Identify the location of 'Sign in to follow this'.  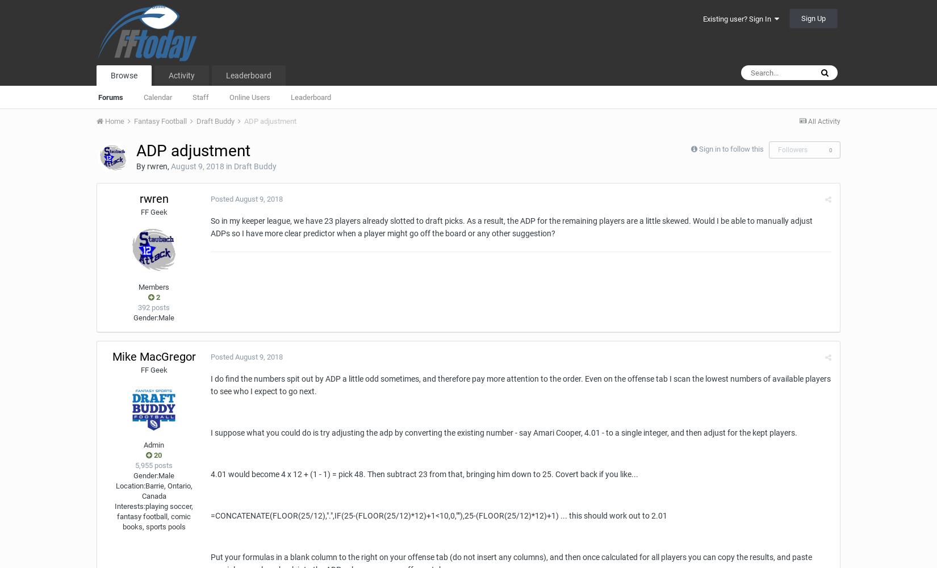
(699, 149).